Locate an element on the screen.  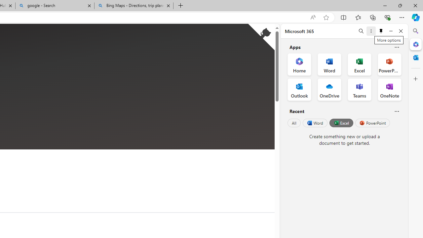
'Outlook Office App' is located at coordinates (299, 90).